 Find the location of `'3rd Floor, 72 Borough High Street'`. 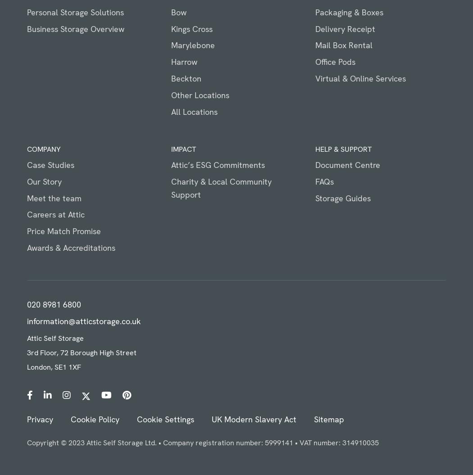

'3rd Floor, 72 Borough High Street' is located at coordinates (26, 352).